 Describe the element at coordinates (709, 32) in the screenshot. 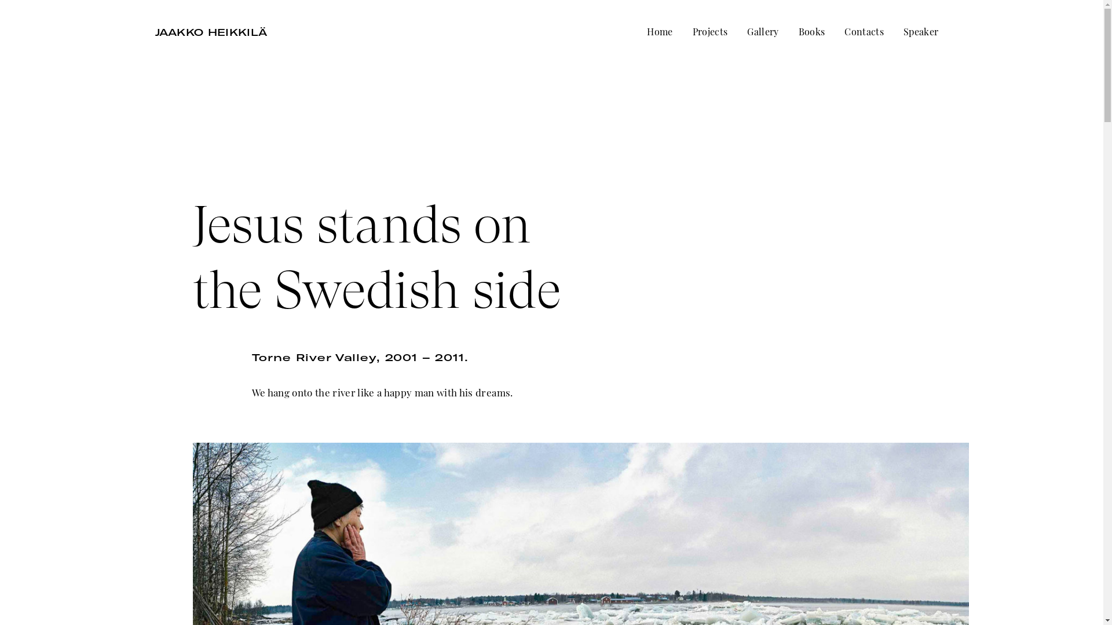

I see `'Projects'` at that location.